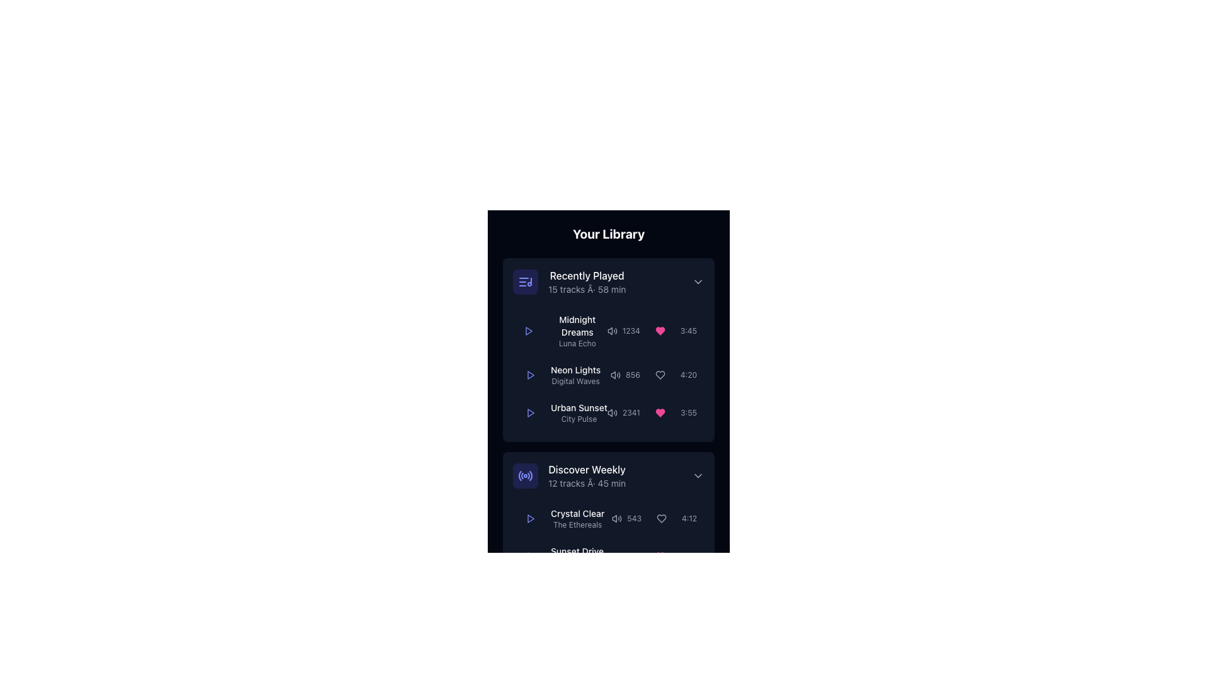  I want to click on the play button icon with a triangular shape and indigo background located within the 'Recently Played' section, which is aligned to the left of the text 'Urban Sunset' and 'City Pulse.', so click(530, 412).